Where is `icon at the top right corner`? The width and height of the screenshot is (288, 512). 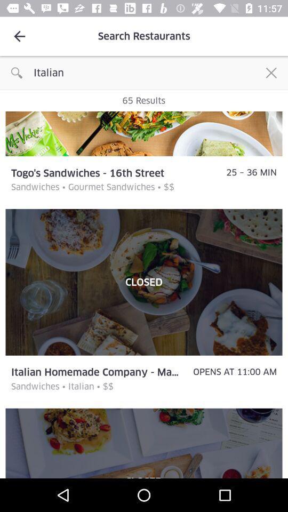
icon at the top right corner is located at coordinates (271, 72).